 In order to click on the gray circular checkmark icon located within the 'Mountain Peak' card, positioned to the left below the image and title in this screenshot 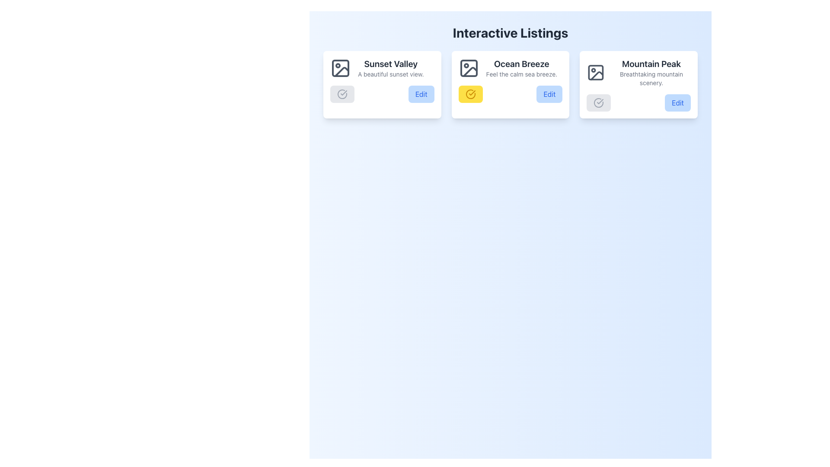, I will do `click(598, 102)`.